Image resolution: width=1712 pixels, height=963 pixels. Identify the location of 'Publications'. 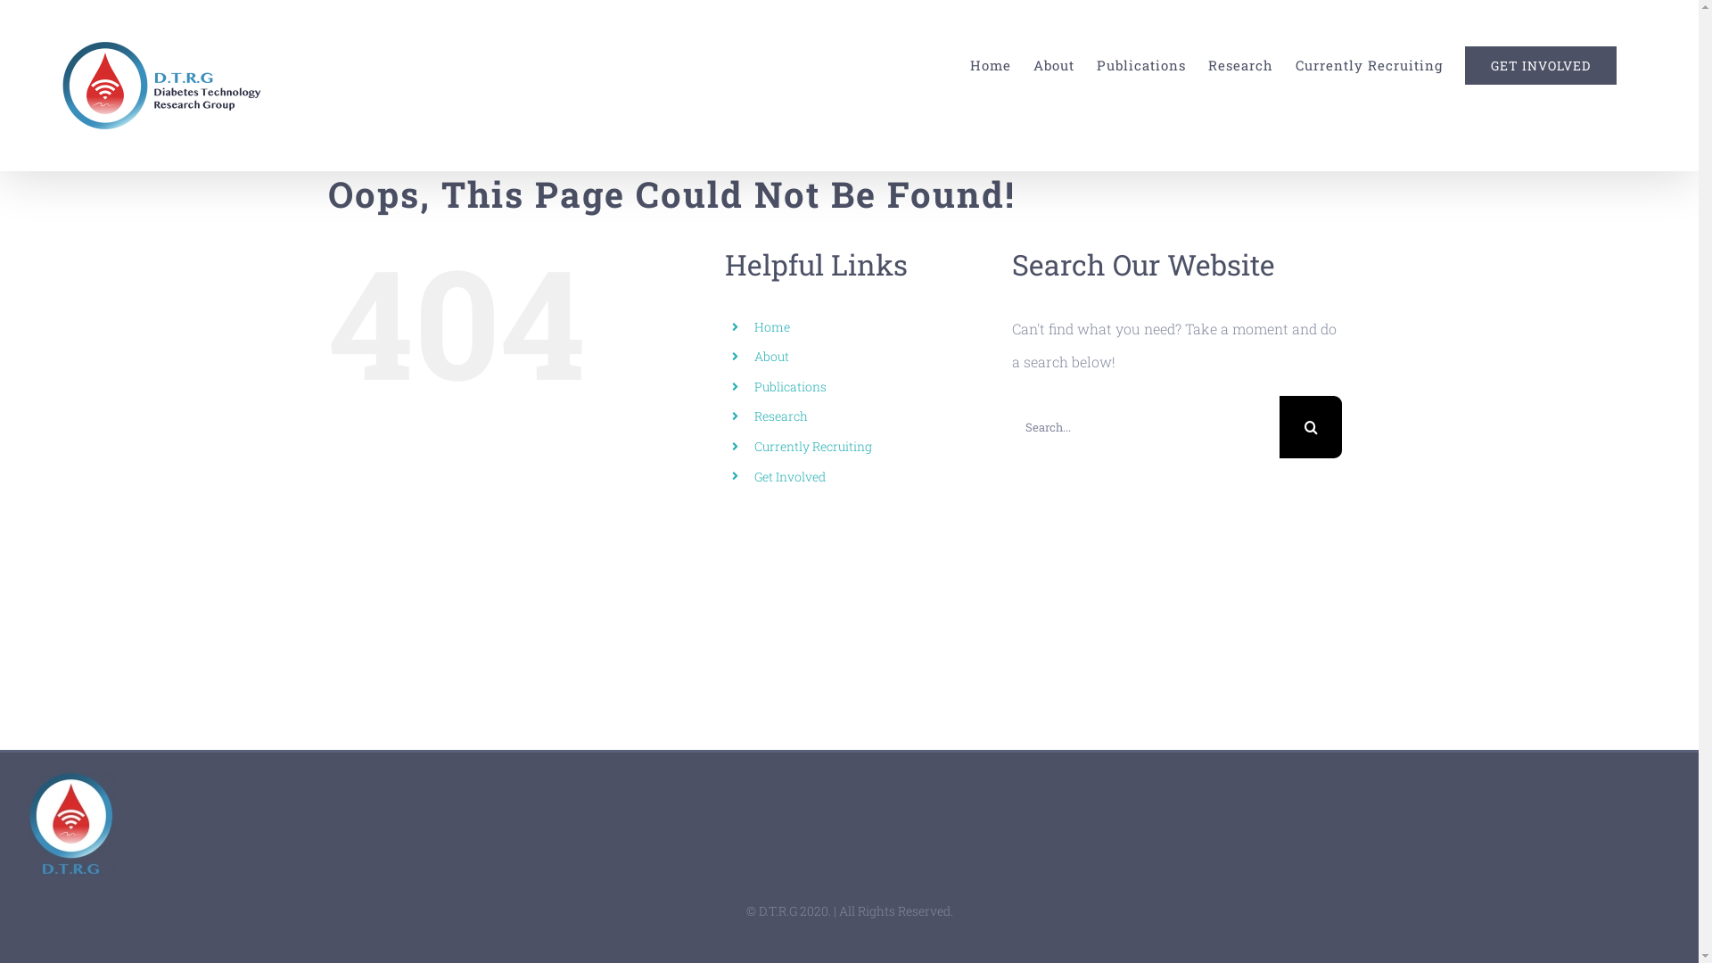
(789, 385).